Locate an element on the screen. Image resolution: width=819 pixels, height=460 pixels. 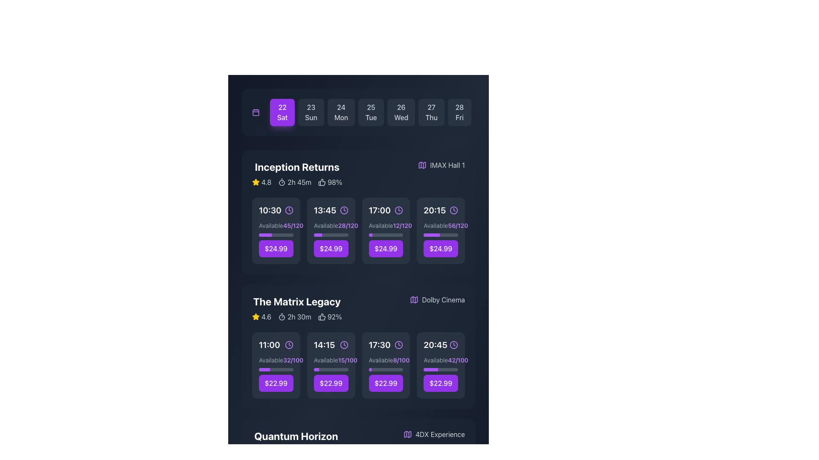
the circular graphical element that visually represents the clock face in the schedule section for the movie 'Inception Returns' is located at coordinates (289, 210).